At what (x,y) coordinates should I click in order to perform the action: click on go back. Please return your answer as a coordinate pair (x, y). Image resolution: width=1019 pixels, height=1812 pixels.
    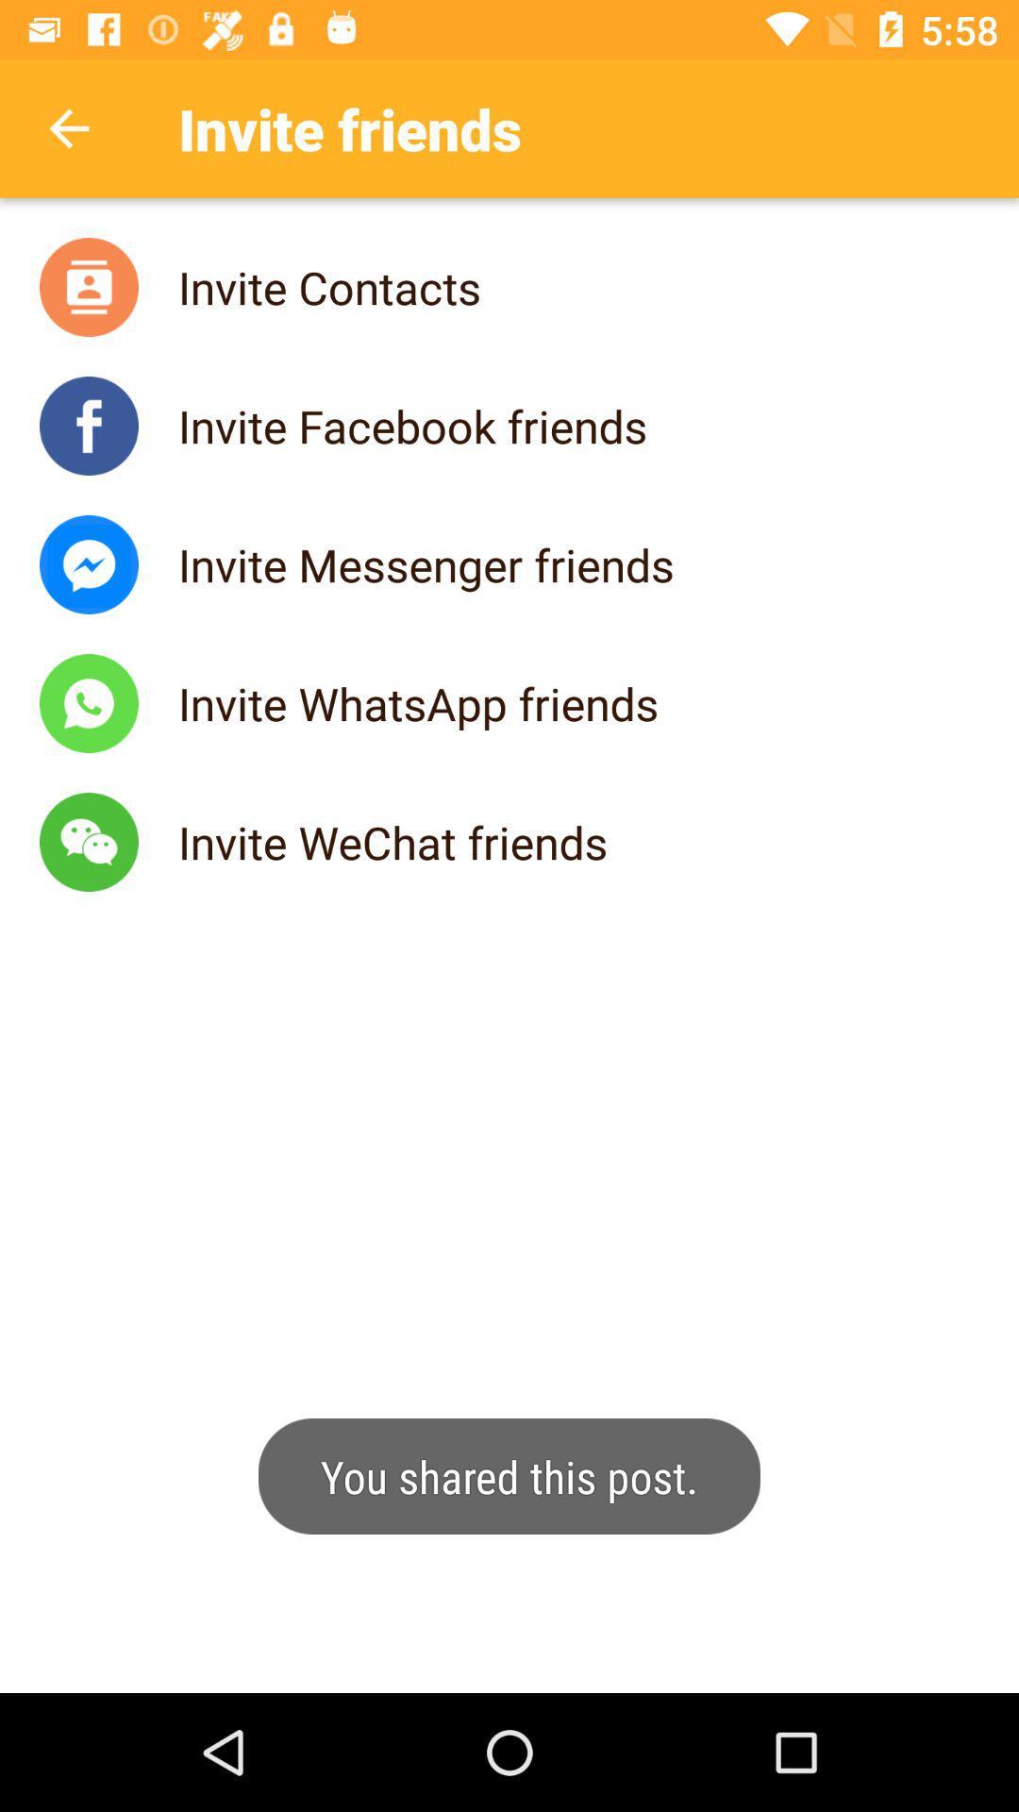
    Looking at the image, I should click on (68, 127).